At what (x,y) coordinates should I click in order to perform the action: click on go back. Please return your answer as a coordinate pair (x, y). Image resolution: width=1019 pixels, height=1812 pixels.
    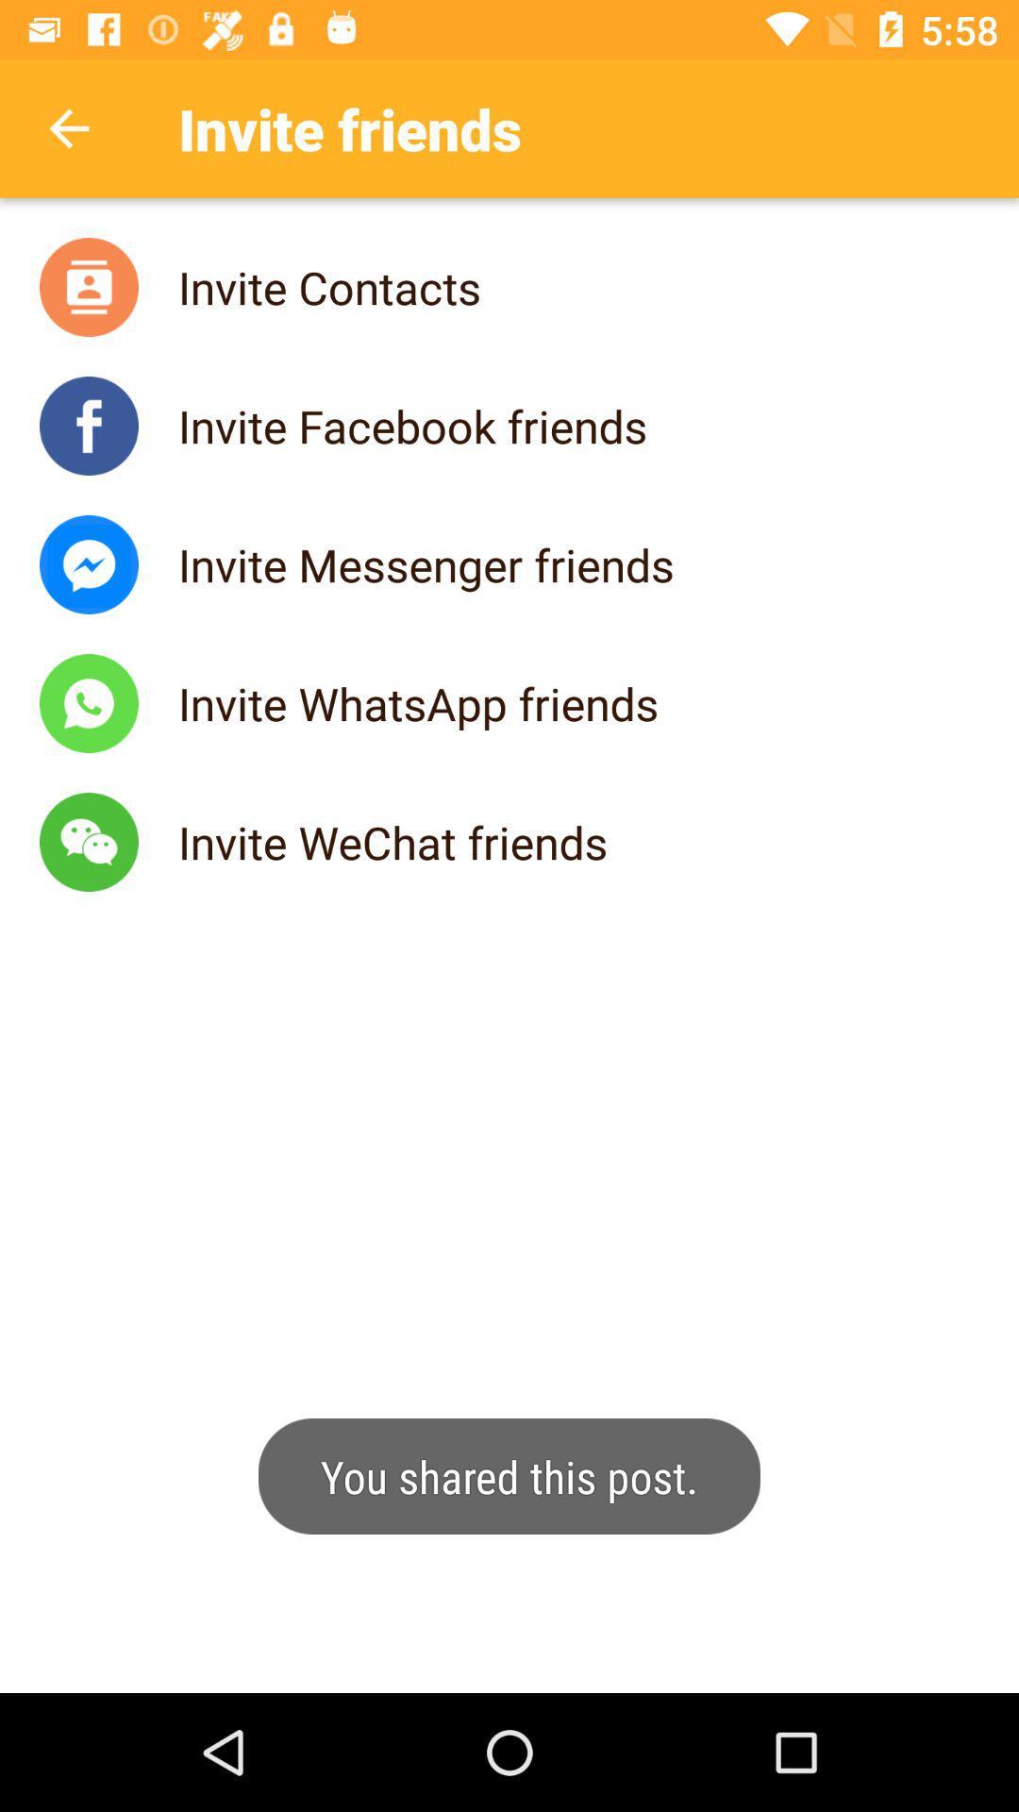
    Looking at the image, I should click on (68, 127).